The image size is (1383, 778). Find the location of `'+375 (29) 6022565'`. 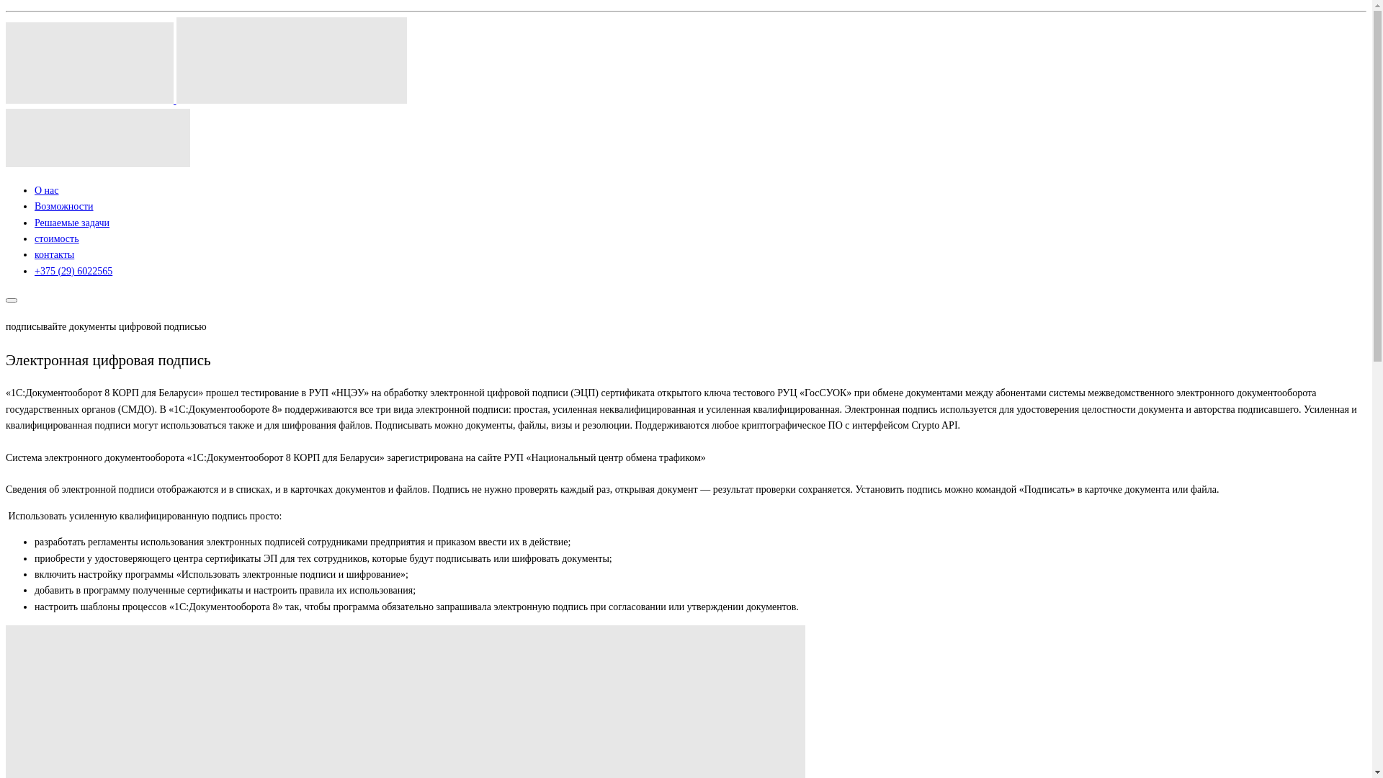

'+375 (29) 6022565' is located at coordinates (72, 271).